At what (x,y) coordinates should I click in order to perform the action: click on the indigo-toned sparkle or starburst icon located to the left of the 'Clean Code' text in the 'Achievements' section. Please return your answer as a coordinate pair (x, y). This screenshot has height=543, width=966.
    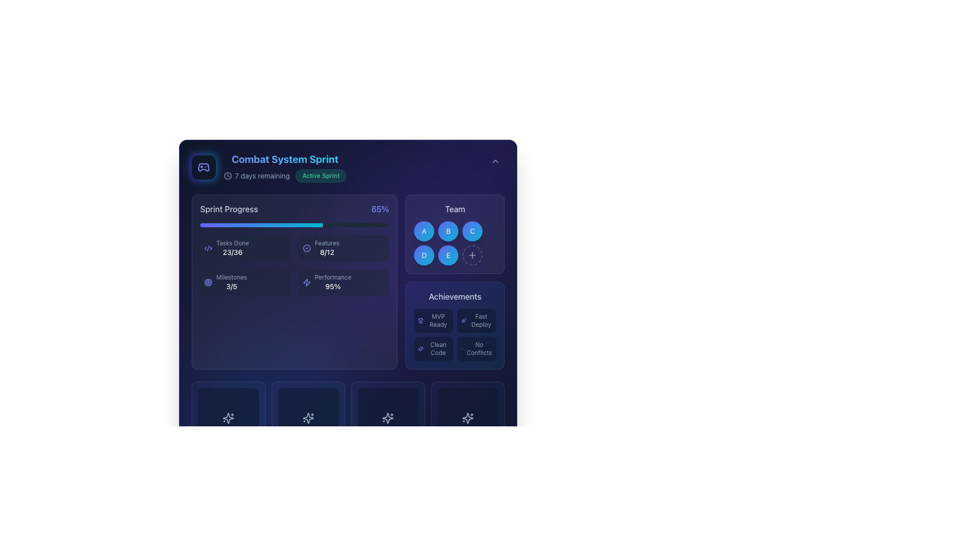
    Looking at the image, I should click on (421, 348).